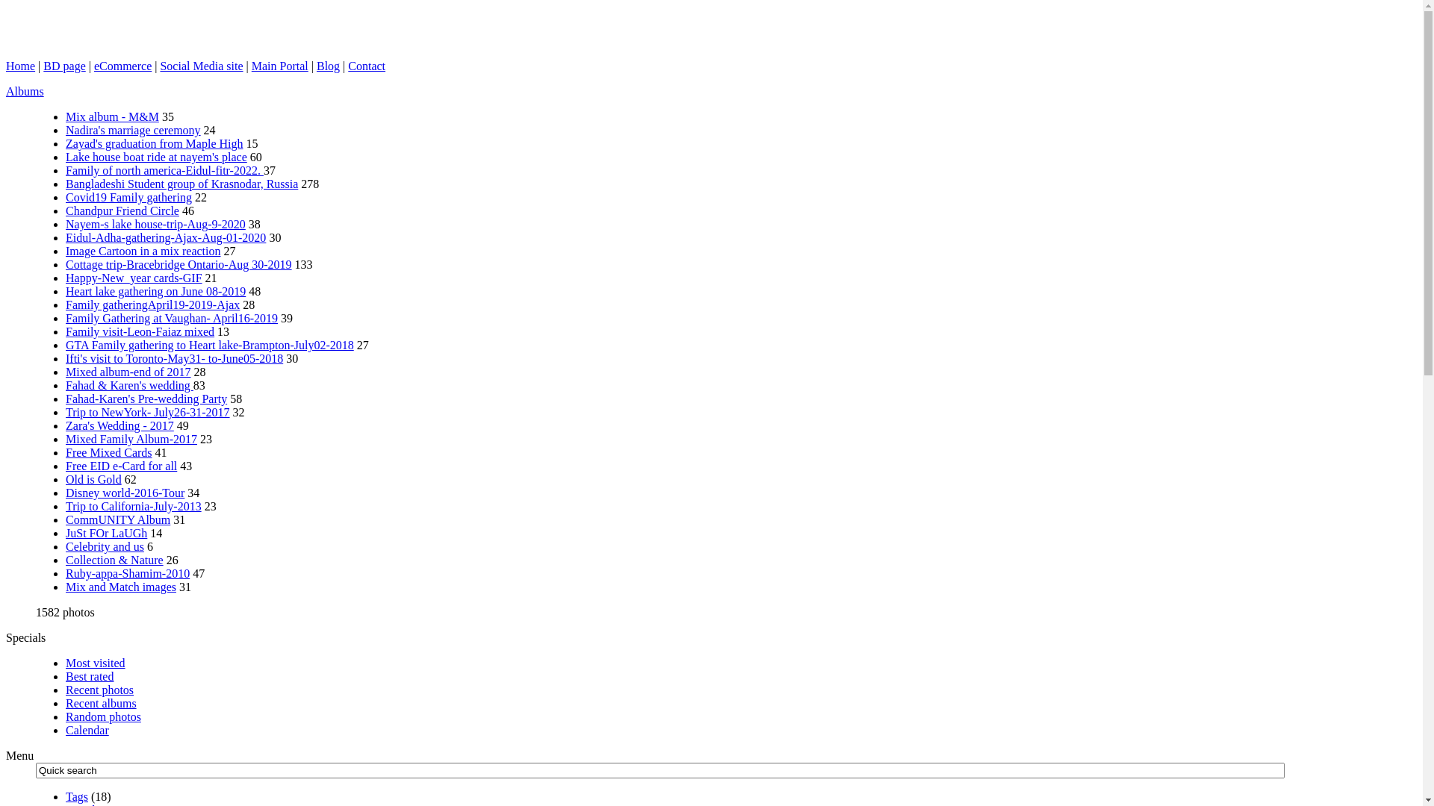 Image resolution: width=1434 pixels, height=806 pixels. Describe the element at coordinates (122, 210) in the screenshot. I see `'Chandpur Friend Circle'` at that location.